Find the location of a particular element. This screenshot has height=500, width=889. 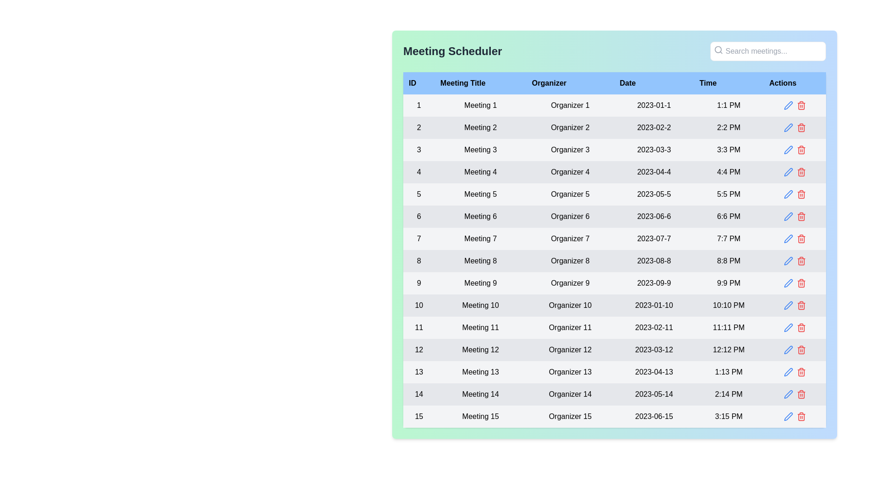

the pencil icon in the Action buttons of the last cell corresponding to 'Meeting 13' and 'Organizer 13' in the 'Actions' column of the table is located at coordinates (794, 371).